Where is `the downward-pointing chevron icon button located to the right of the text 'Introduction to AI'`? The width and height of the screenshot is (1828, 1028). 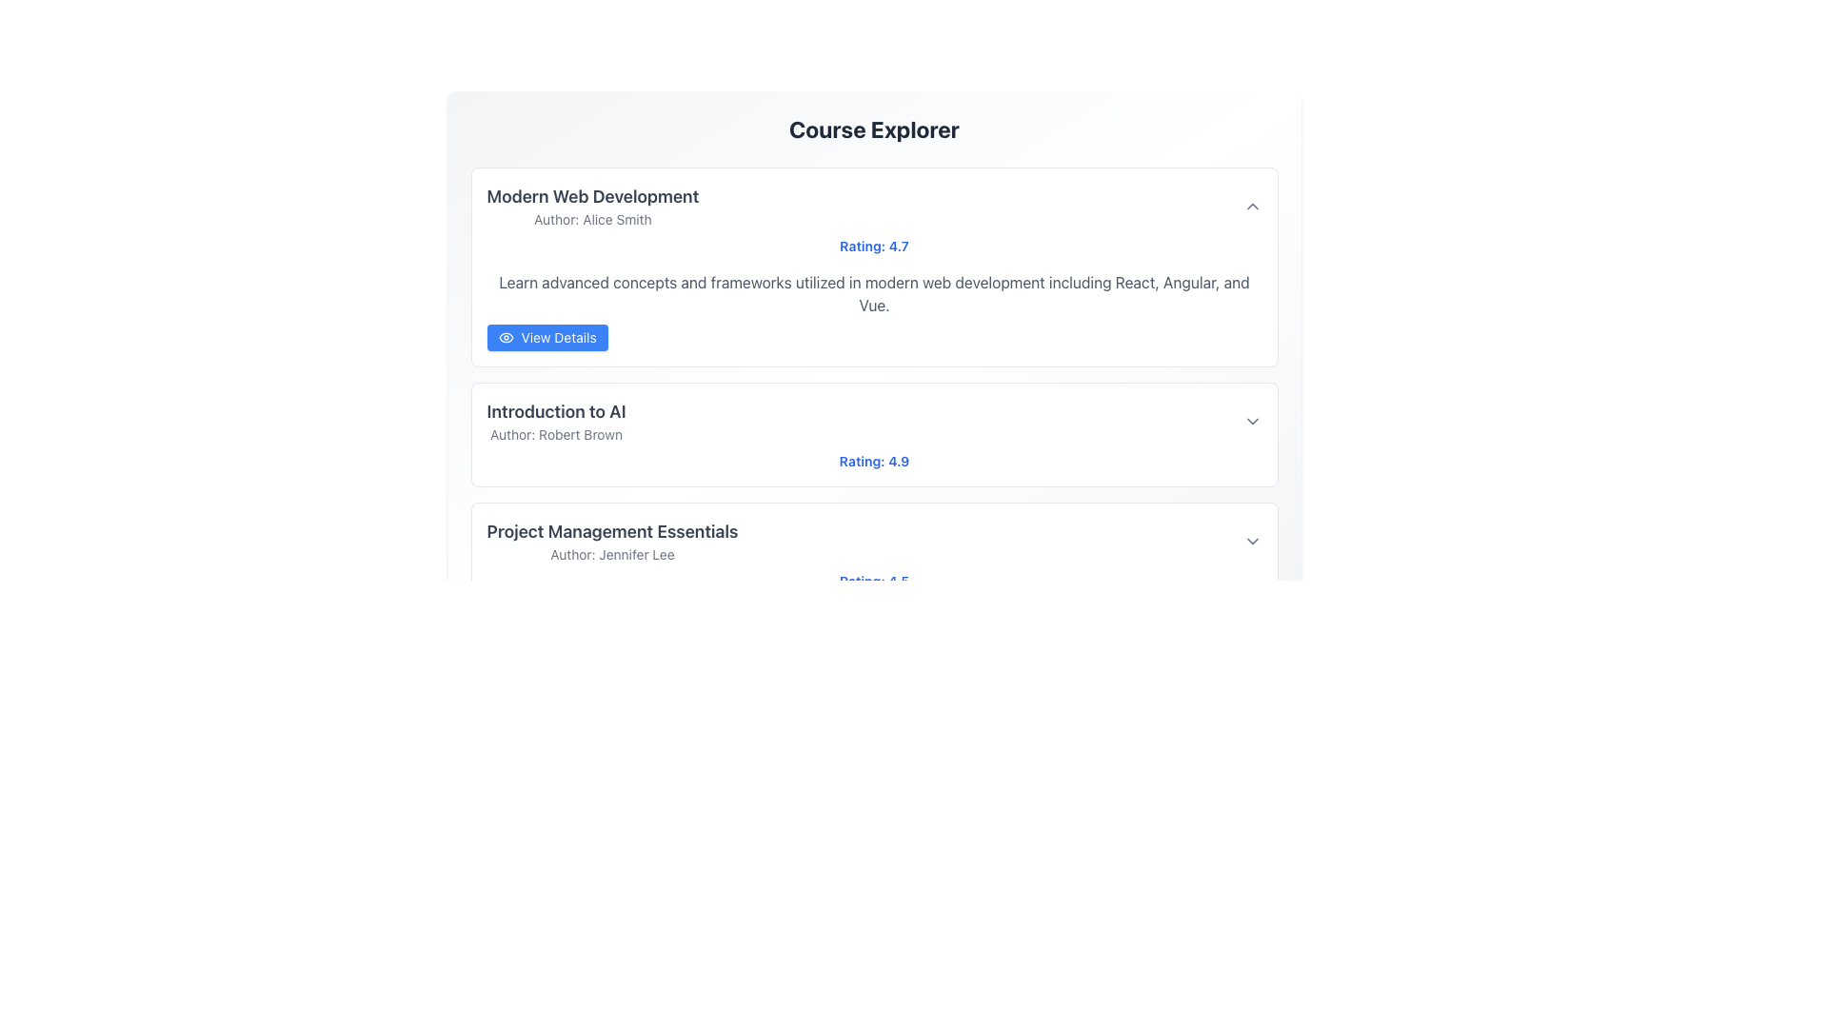
the downward-pointing chevron icon button located to the right of the text 'Introduction to AI' is located at coordinates (1252, 421).